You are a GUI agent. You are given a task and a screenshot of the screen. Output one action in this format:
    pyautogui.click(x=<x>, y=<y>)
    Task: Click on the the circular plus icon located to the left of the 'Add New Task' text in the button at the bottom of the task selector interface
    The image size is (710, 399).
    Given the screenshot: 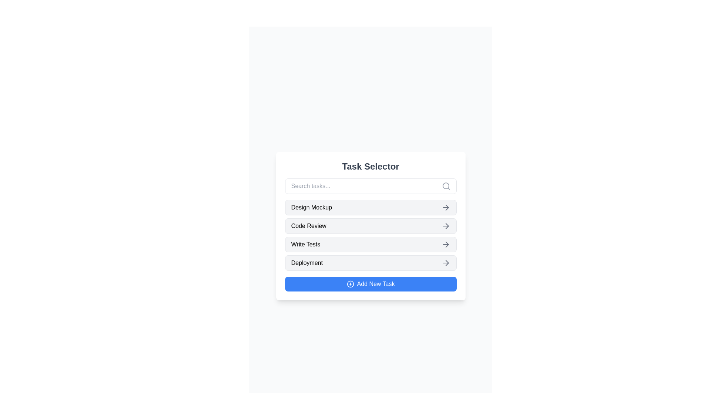 What is the action you would take?
    pyautogui.click(x=350, y=283)
    